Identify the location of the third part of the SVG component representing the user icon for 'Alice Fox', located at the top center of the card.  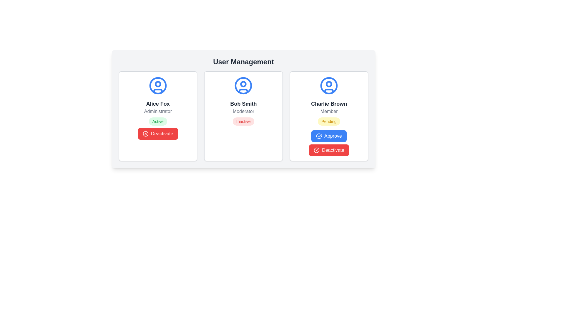
(158, 91).